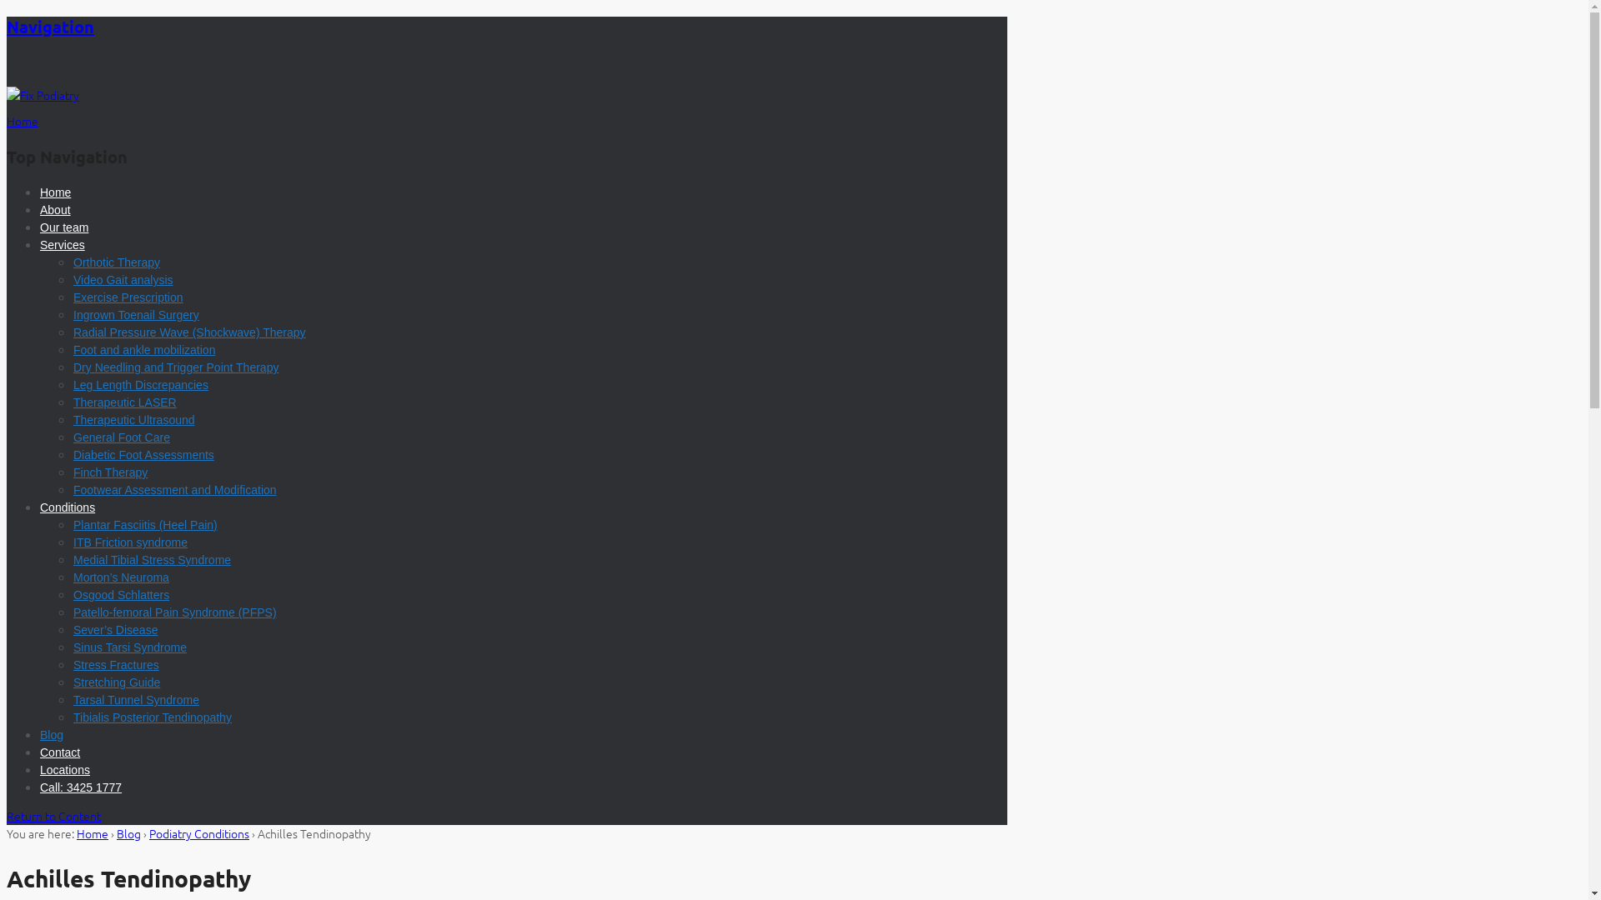  What do you see at coordinates (129, 646) in the screenshot?
I see `'Sinus Tarsi Syndrome'` at bounding box center [129, 646].